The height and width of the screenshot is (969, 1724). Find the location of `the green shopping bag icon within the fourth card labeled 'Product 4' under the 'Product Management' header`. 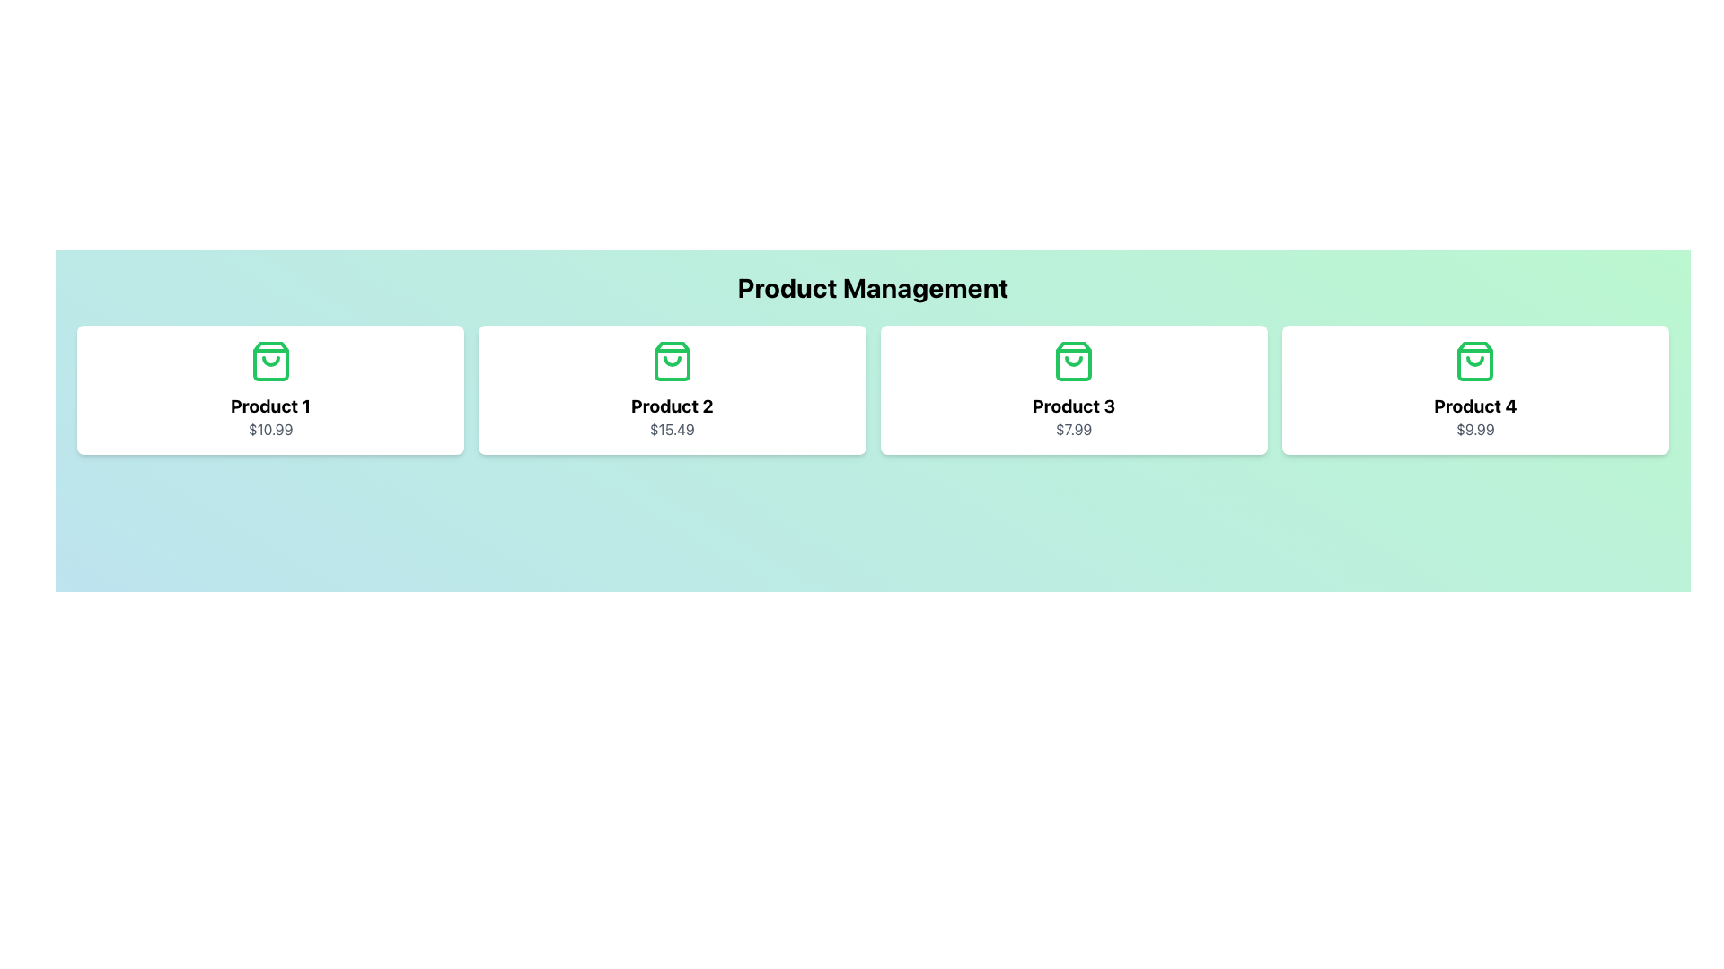

the green shopping bag icon within the fourth card labeled 'Product 4' under the 'Product Management' header is located at coordinates (1475, 361).